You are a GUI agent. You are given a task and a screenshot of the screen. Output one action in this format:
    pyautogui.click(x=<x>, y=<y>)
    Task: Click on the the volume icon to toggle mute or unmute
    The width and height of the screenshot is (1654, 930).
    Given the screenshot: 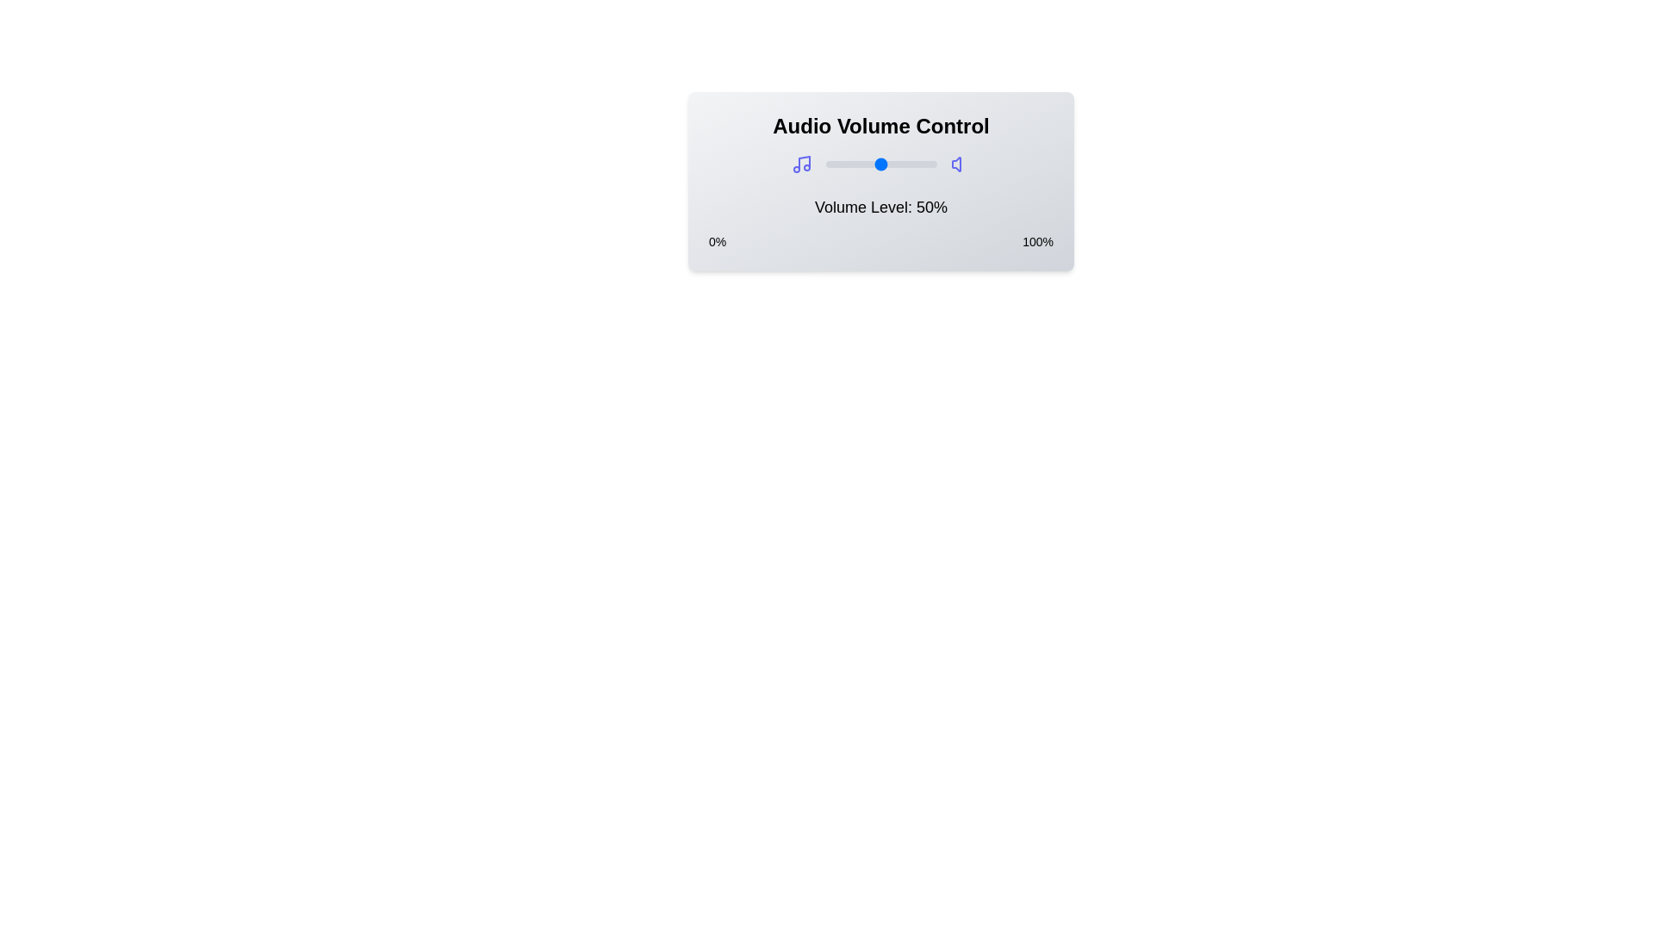 What is the action you would take?
    pyautogui.click(x=960, y=164)
    